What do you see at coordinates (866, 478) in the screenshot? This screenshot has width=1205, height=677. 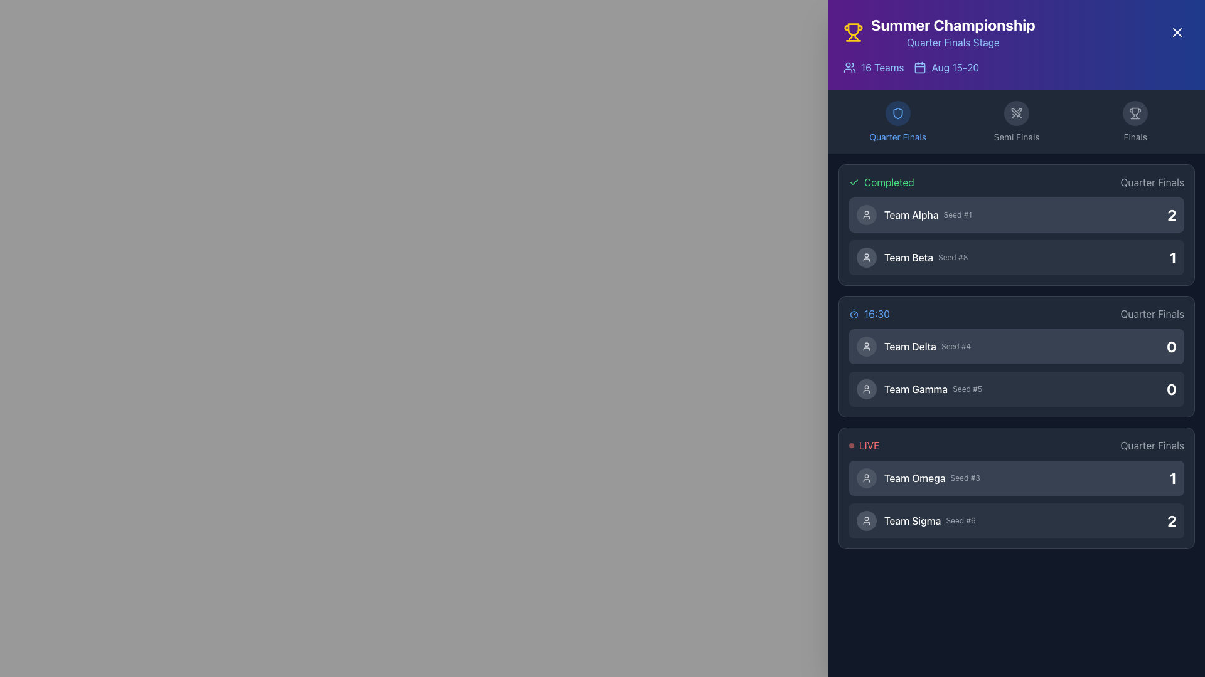 I see `the circular gray avatar icon representing a user, which is the first item in the list for 'Team OmegaSeed #3', located adjacent to the label 'Team Omega'` at bounding box center [866, 478].